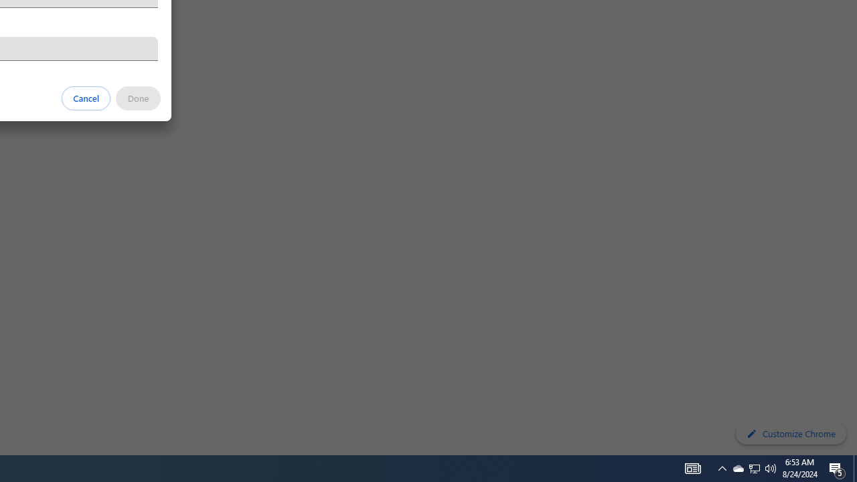 This screenshot has width=857, height=482. I want to click on 'Cancel', so click(86, 97).